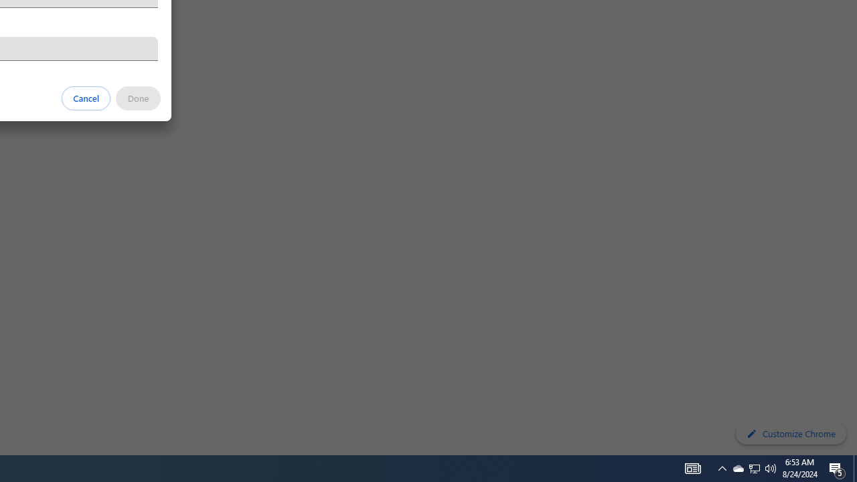 This screenshot has width=857, height=482. I want to click on 'Cancel', so click(86, 97).